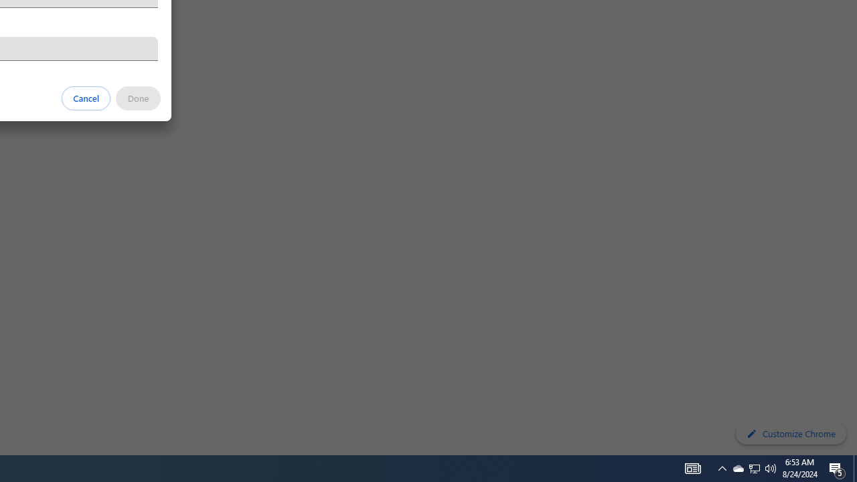 This screenshot has width=857, height=482. I want to click on 'Cancel', so click(86, 97).